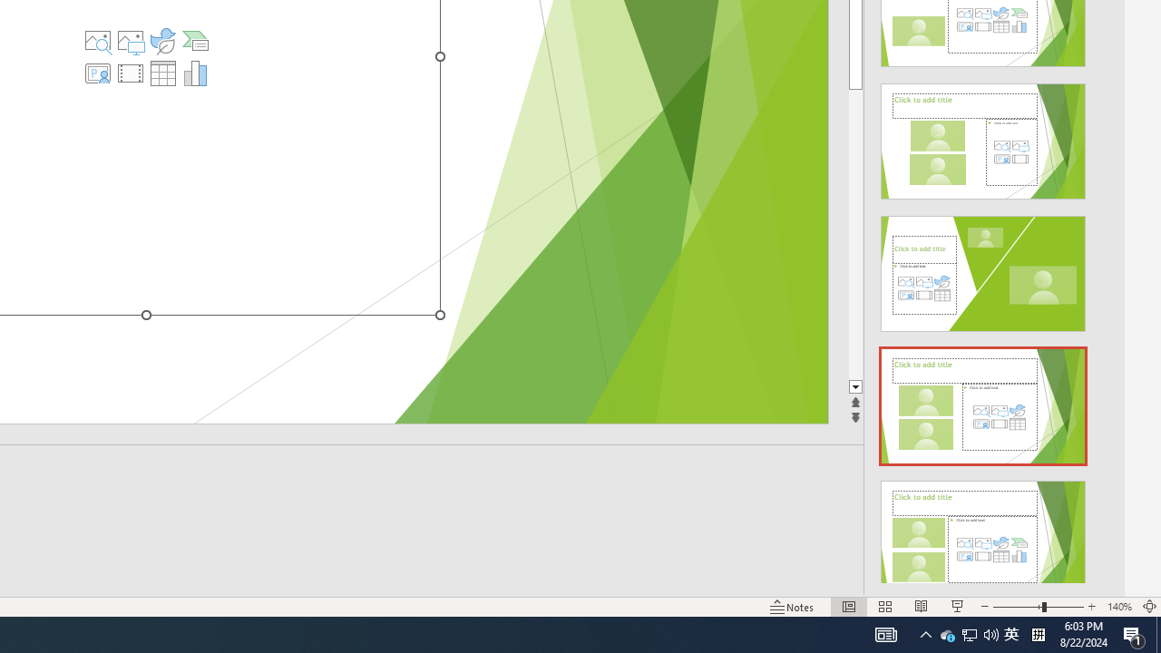  What do you see at coordinates (130, 41) in the screenshot?
I see `'Pictures'` at bounding box center [130, 41].